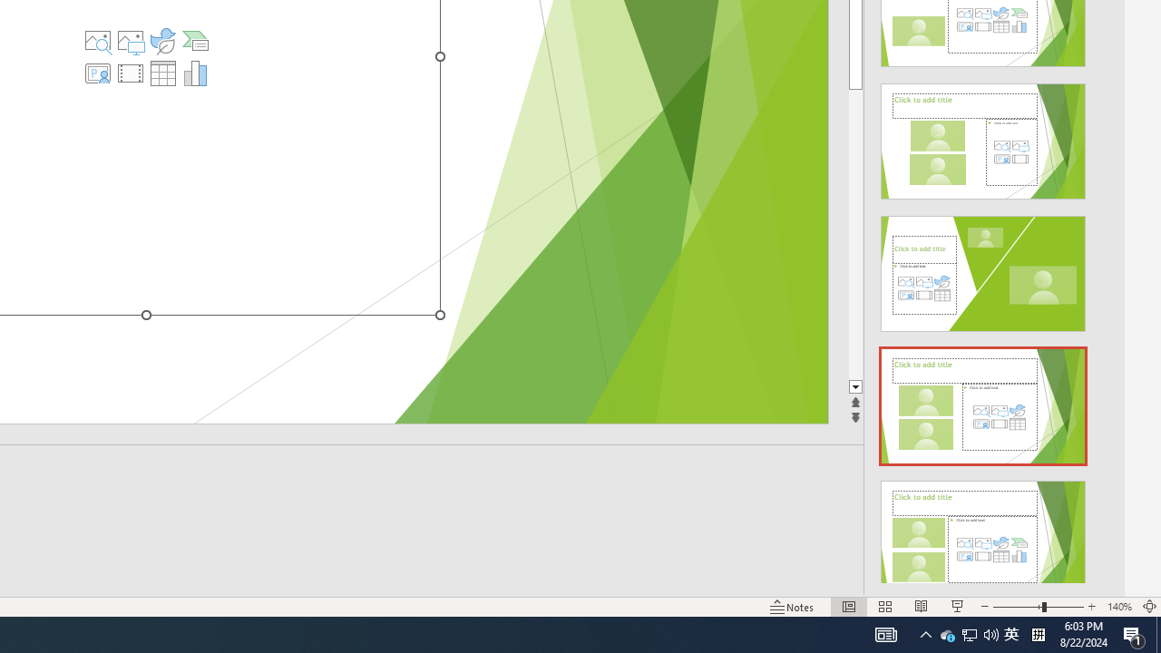  What do you see at coordinates (130, 41) in the screenshot?
I see `'Pictures'` at bounding box center [130, 41].